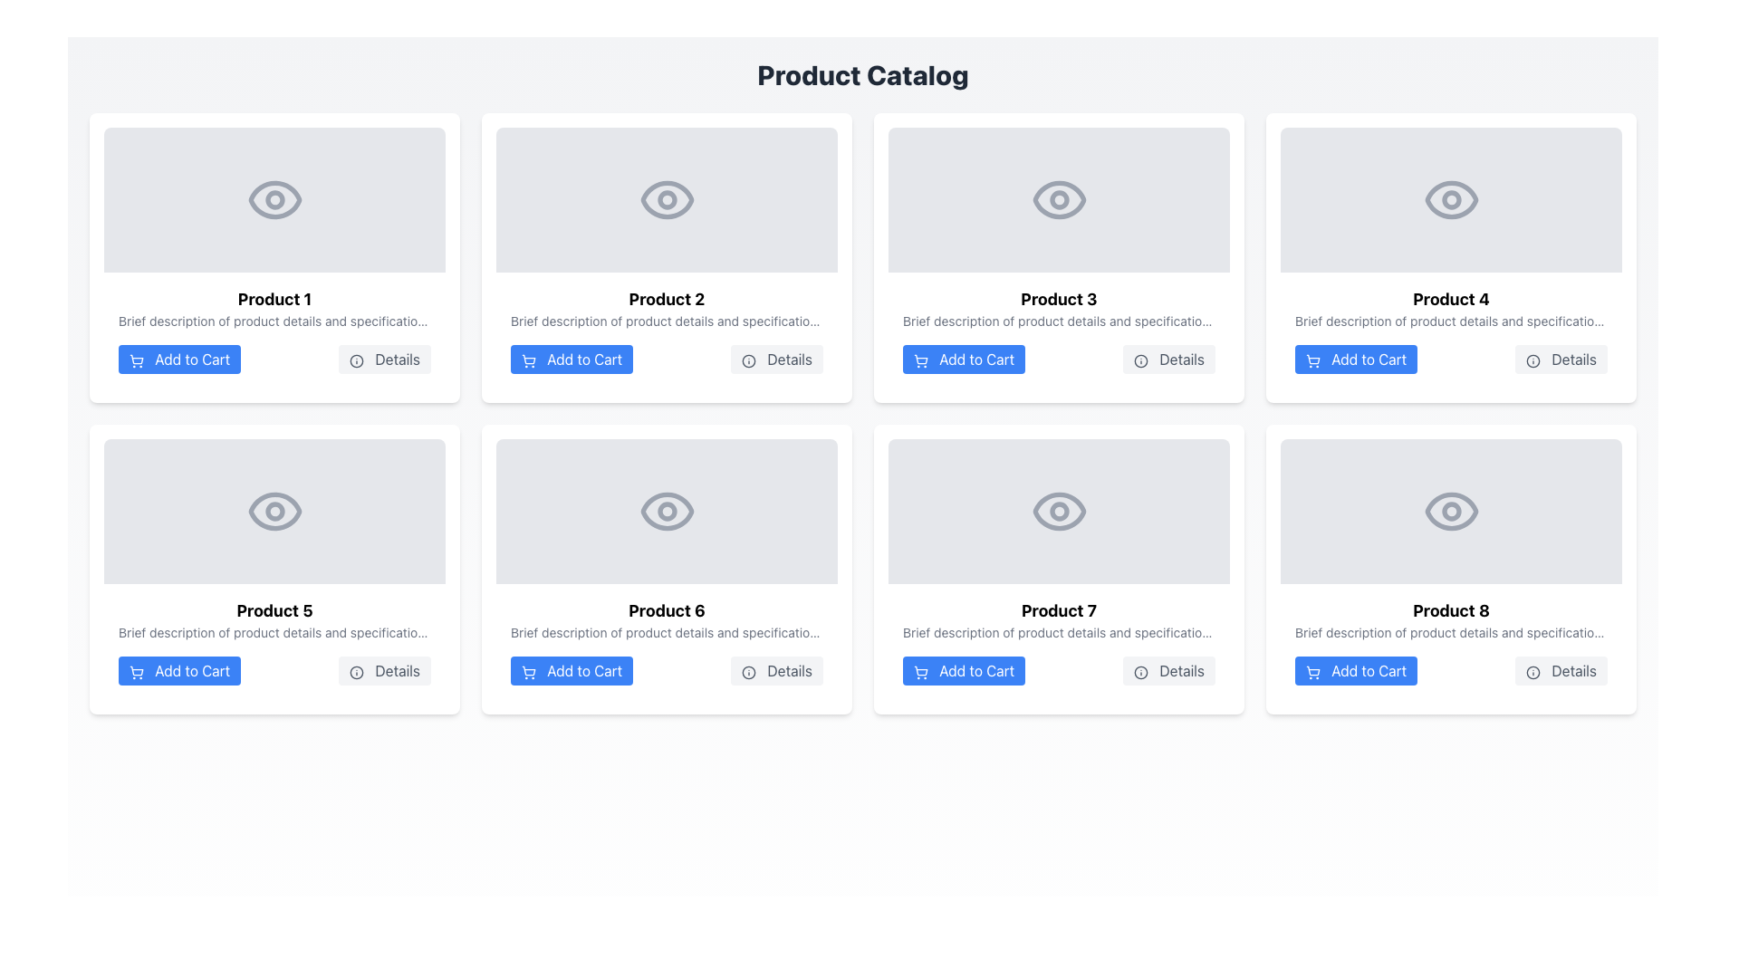 The width and height of the screenshot is (1739, 978). What do you see at coordinates (135, 671) in the screenshot?
I see `the shopping cart icon within the 'Add to Cart' button for 'Product 5', which has a blue background and white text` at bounding box center [135, 671].